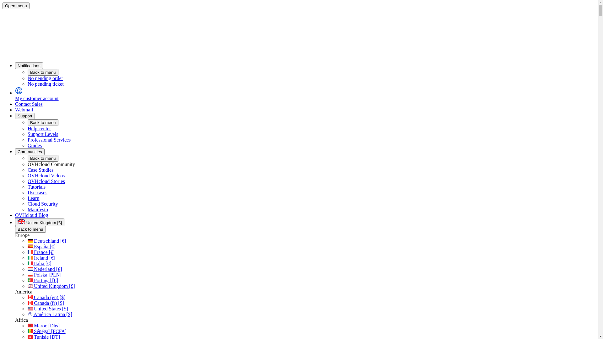  I want to click on 'Notifications', so click(29, 66).